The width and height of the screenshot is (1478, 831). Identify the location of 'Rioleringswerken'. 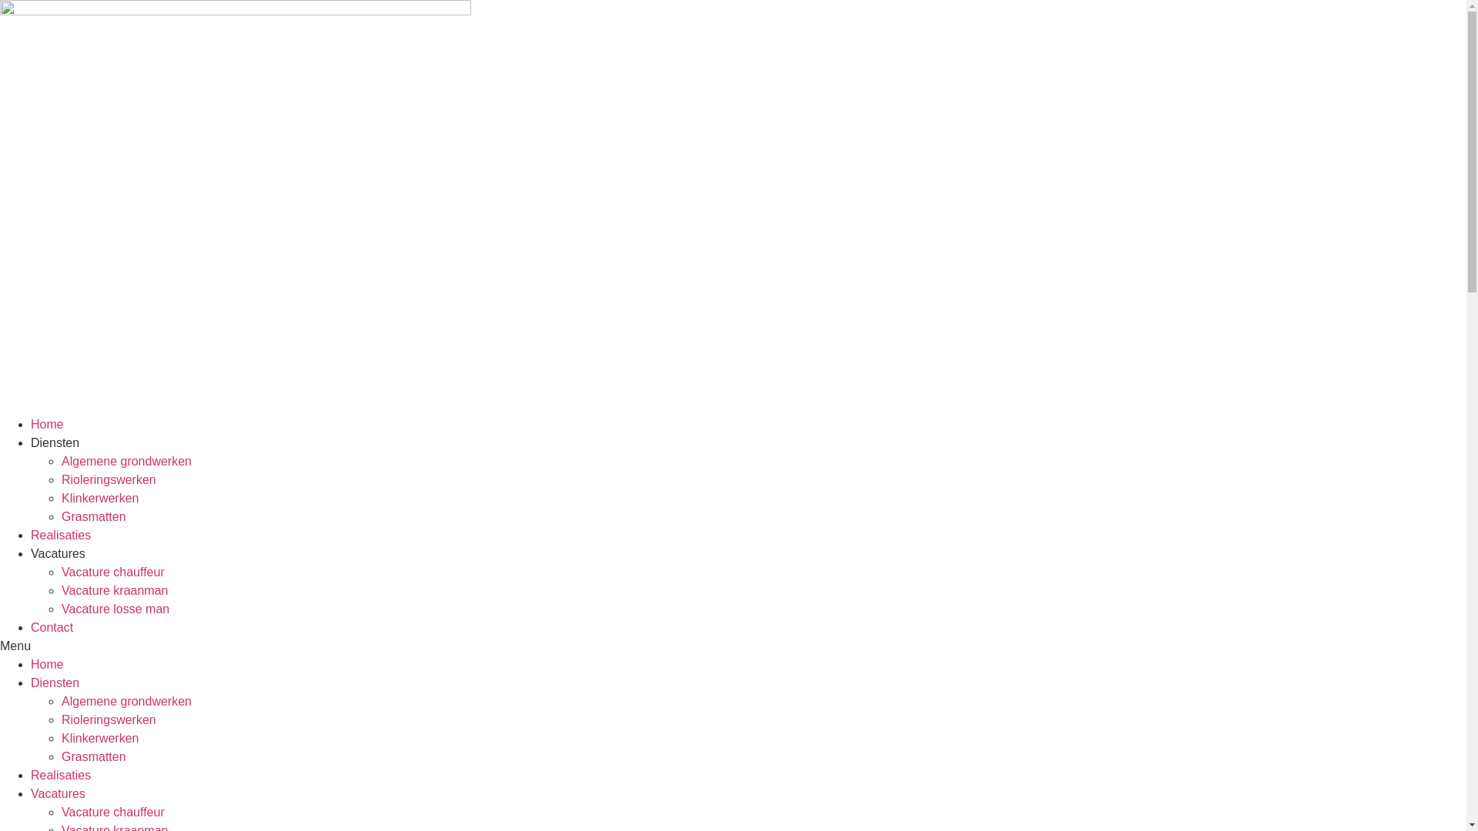
(108, 479).